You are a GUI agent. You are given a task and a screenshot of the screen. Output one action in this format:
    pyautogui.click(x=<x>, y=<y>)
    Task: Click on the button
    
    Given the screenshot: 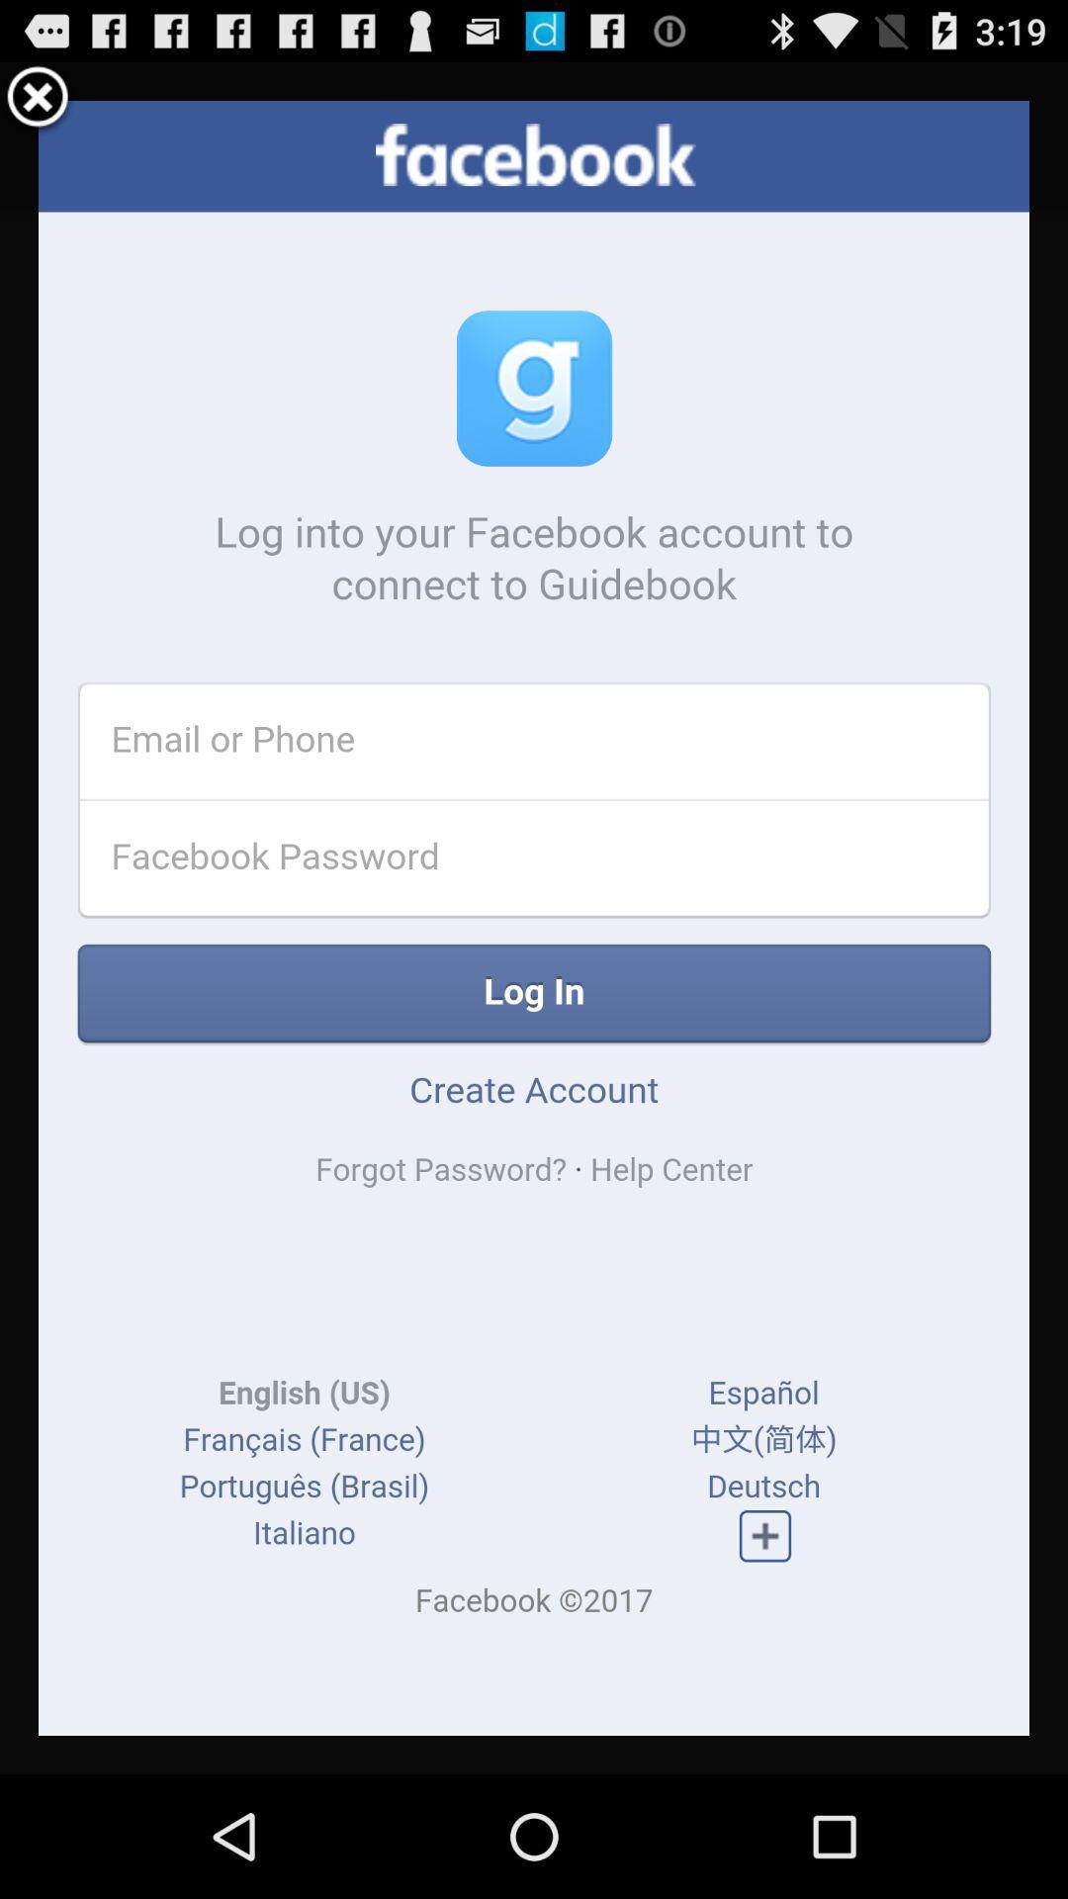 What is the action you would take?
    pyautogui.click(x=38, y=99)
    